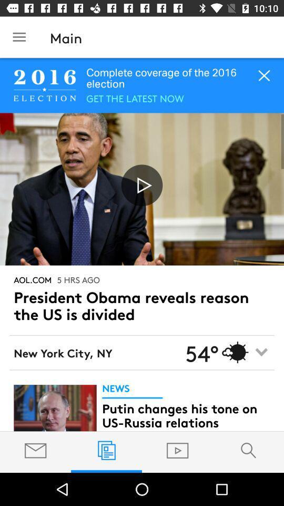 The image size is (284, 506). Describe the element at coordinates (263, 76) in the screenshot. I see `the close icon` at that location.